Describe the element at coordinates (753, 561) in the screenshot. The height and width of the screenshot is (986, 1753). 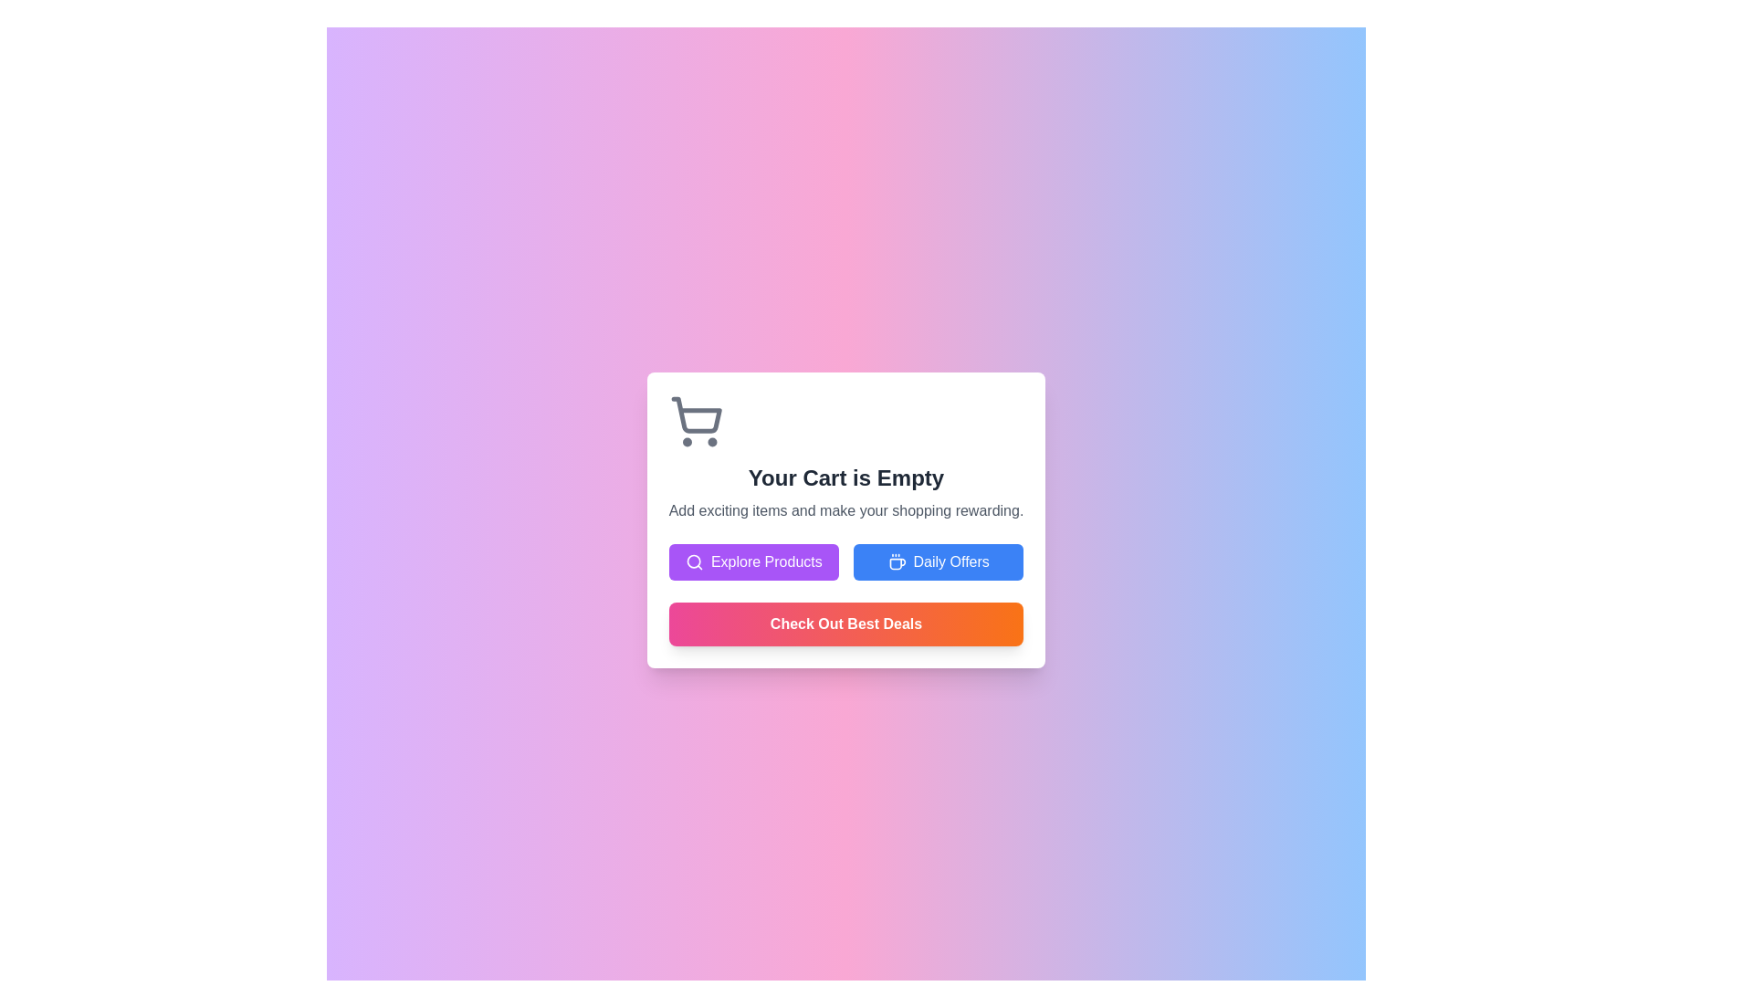
I see `the left button labeled 'Explore Products' under the heading 'Your Cart is Empty'` at that location.